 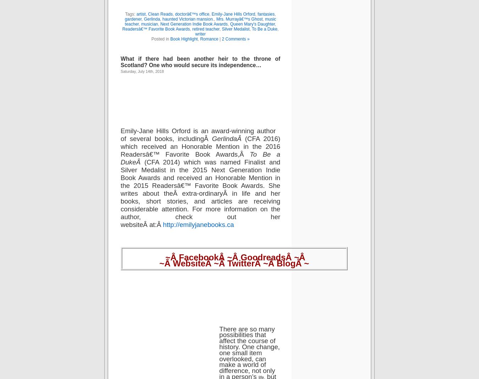 I want to click on 'Mrs. Murrayâ€™s Ghost', so click(x=216, y=18).